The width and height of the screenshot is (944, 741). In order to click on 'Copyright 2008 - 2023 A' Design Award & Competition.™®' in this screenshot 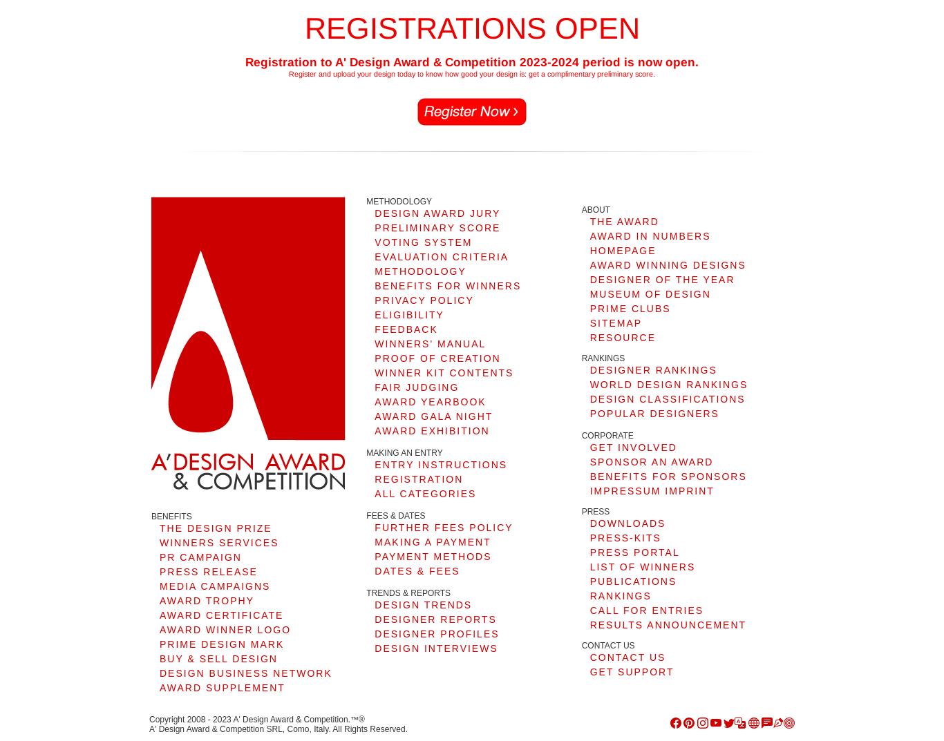, I will do `click(148, 719)`.